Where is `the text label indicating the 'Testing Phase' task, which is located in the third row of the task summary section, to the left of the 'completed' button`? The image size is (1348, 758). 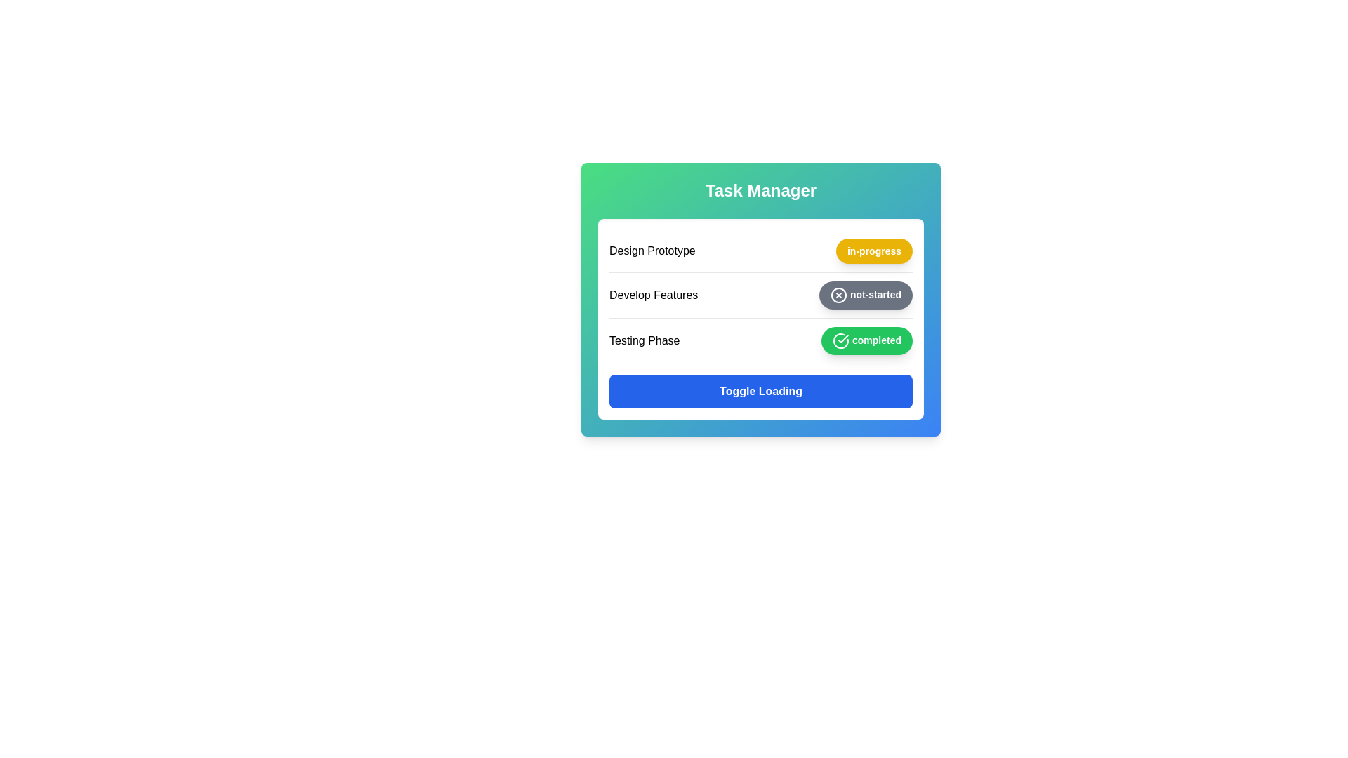 the text label indicating the 'Testing Phase' task, which is located in the third row of the task summary section, to the left of the 'completed' button is located at coordinates (644, 341).